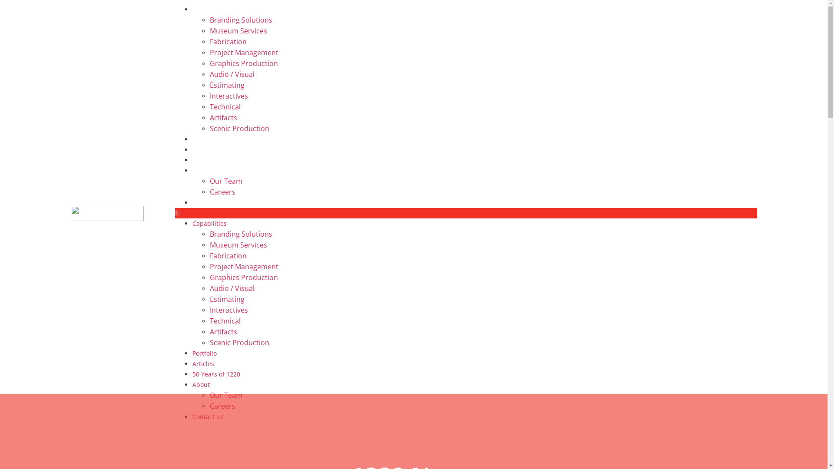  Describe the element at coordinates (209, 85) in the screenshot. I see `'Estimating'` at that location.